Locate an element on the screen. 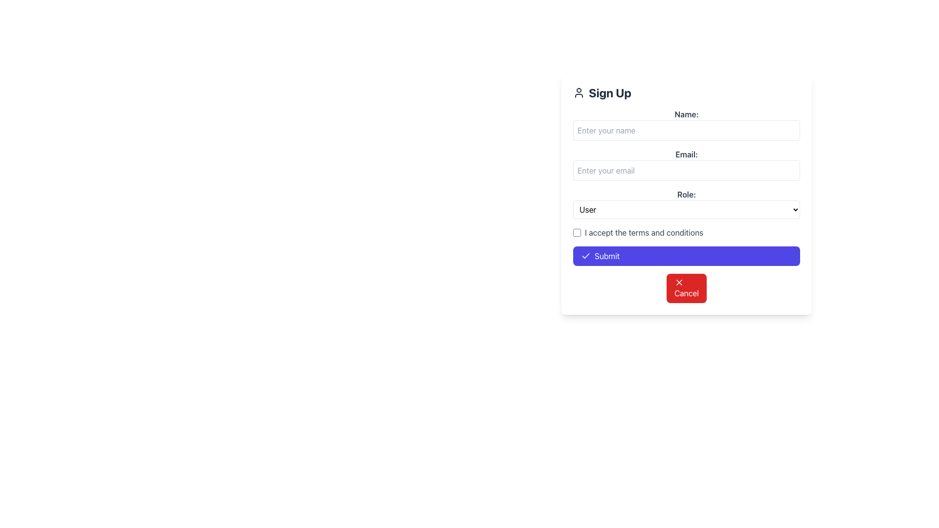 This screenshot has width=939, height=528. the checkmark icon located inside the 'Submit' button with a blue background and white text, positioned to the left side of the button's label is located at coordinates (586, 256).